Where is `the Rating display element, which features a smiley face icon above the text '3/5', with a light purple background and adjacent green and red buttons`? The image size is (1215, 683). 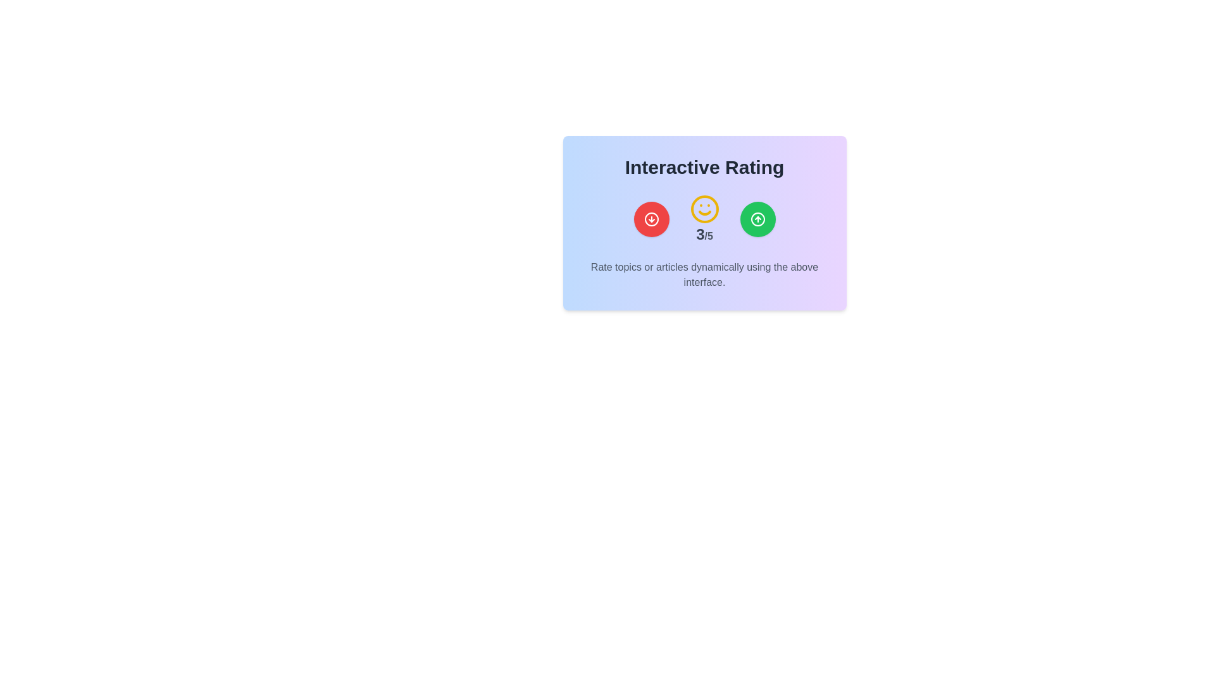
the Rating display element, which features a smiley face icon above the text '3/5', with a light purple background and adjacent green and red buttons is located at coordinates (704, 219).